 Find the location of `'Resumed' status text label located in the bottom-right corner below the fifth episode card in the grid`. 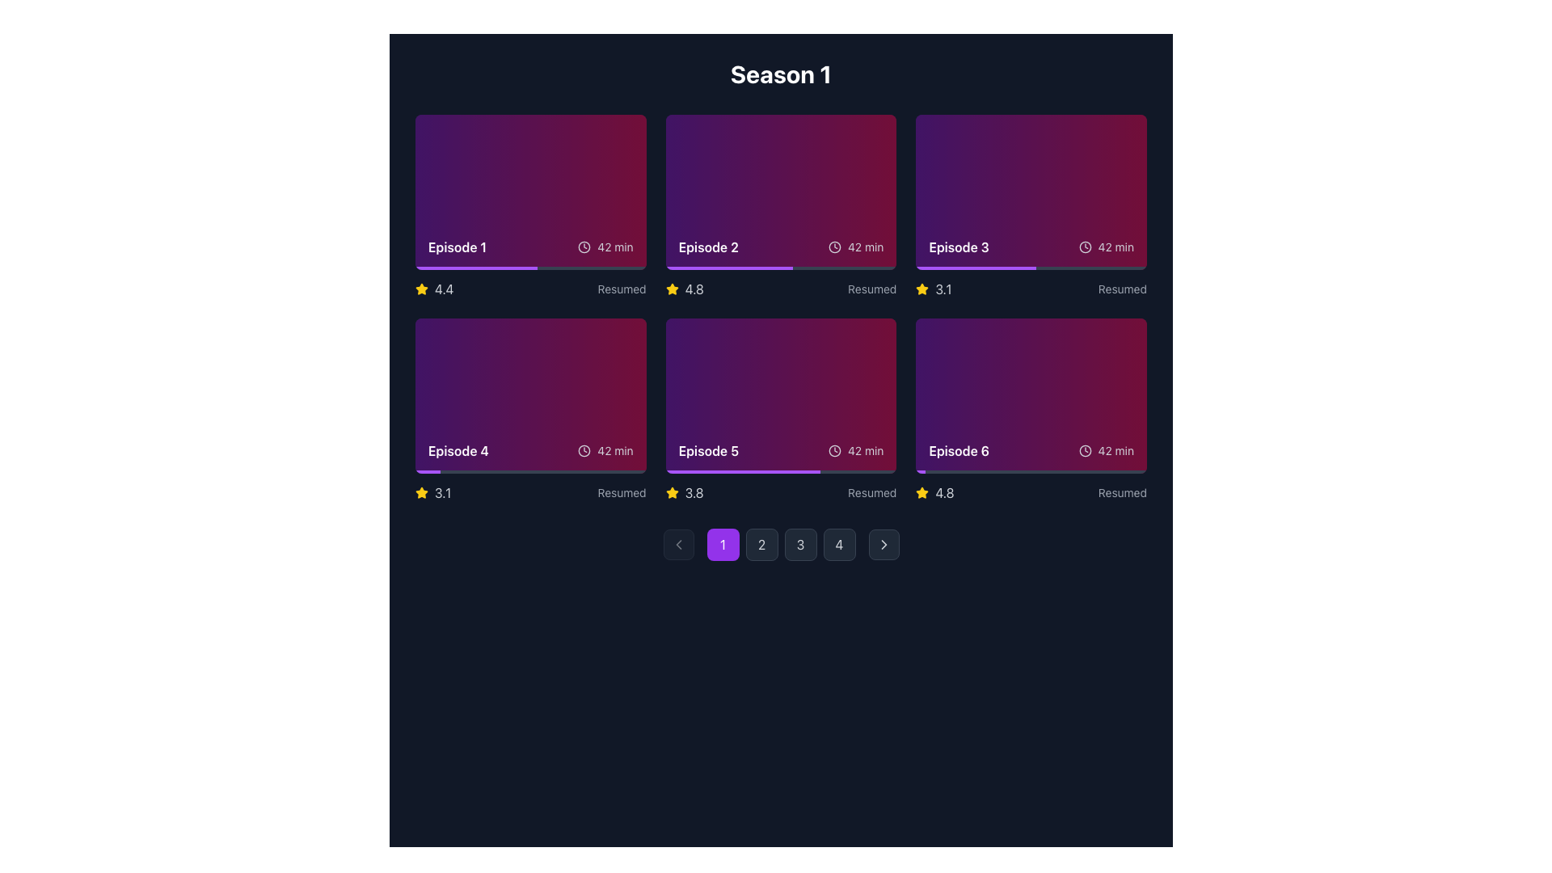

'Resumed' status text label located in the bottom-right corner below the fifth episode card in the grid is located at coordinates (871, 491).